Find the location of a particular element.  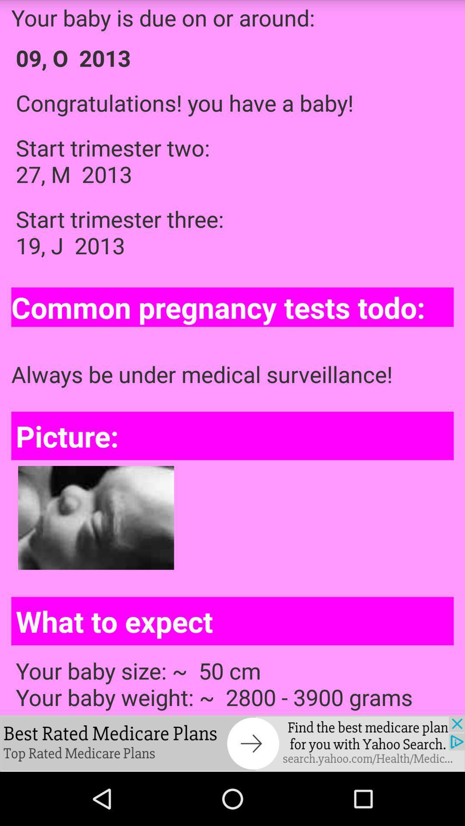

advertisement banner is located at coordinates (232, 743).